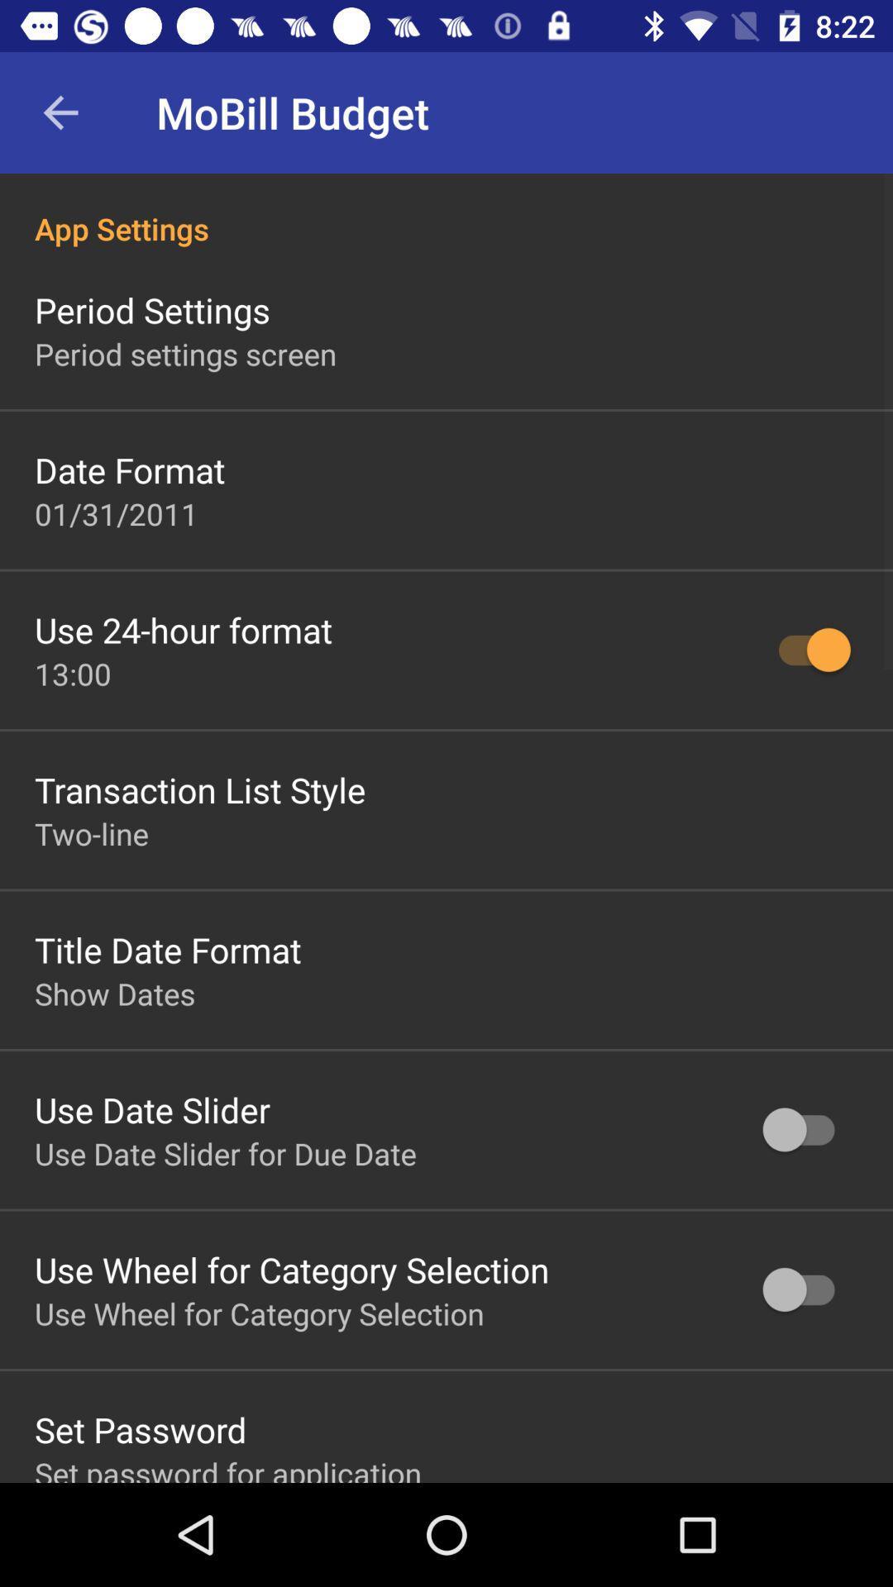 The image size is (893, 1587). Describe the element at coordinates (114, 993) in the screenshot. I see `item below the title date format` at that location.